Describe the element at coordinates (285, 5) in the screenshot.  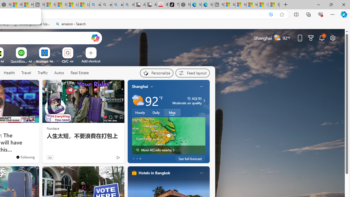
I see `'New Tab'` at that location.